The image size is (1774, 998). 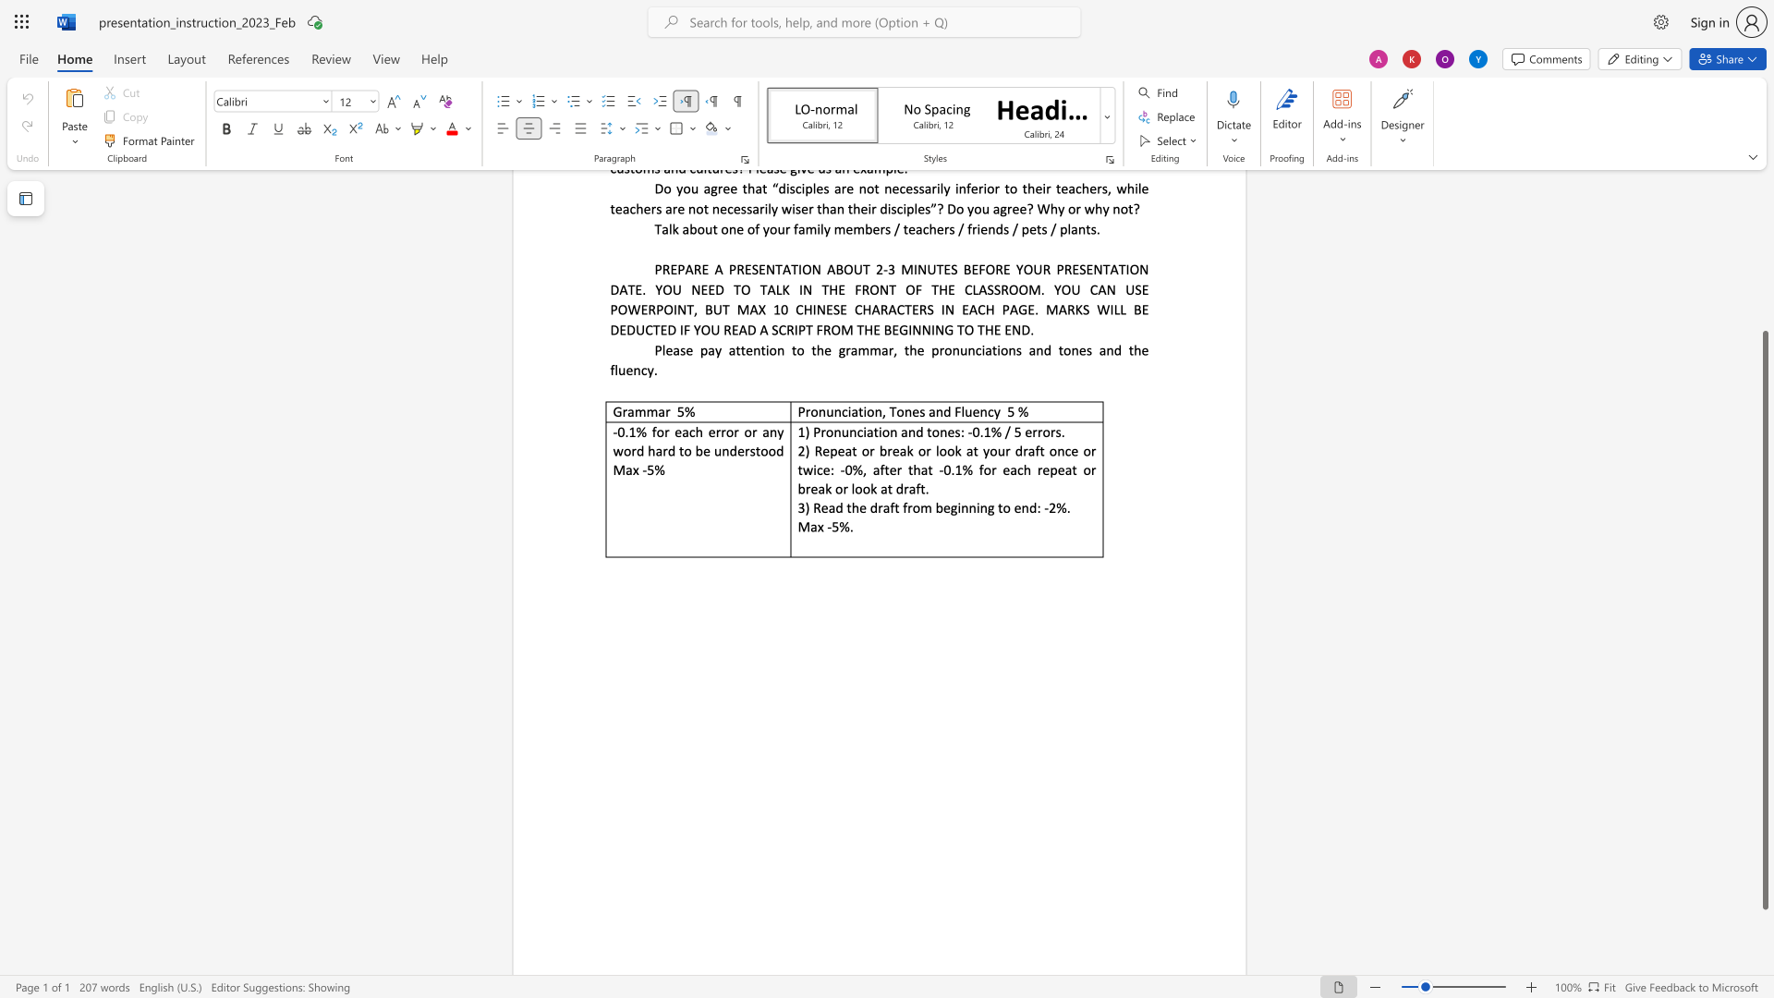 I want to click on the scrollbar to move the page upward, so click(x=1764, y=304).